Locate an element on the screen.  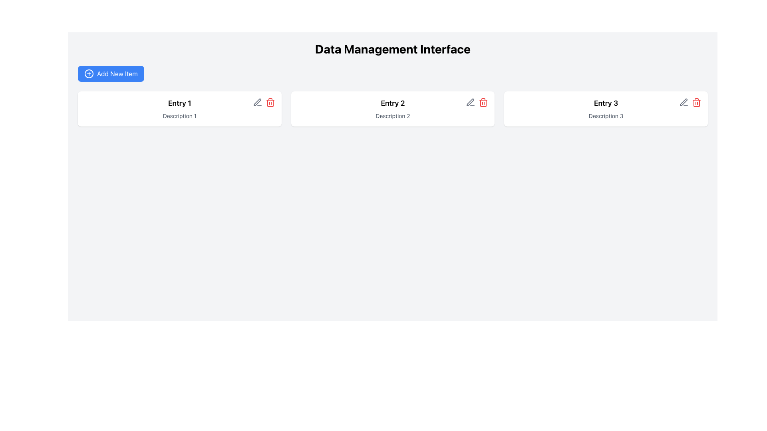
the SVG circle element that visually supports the 'Add New Item' button function, located in the top-left area of the interface is located at coordinates (89, 74).